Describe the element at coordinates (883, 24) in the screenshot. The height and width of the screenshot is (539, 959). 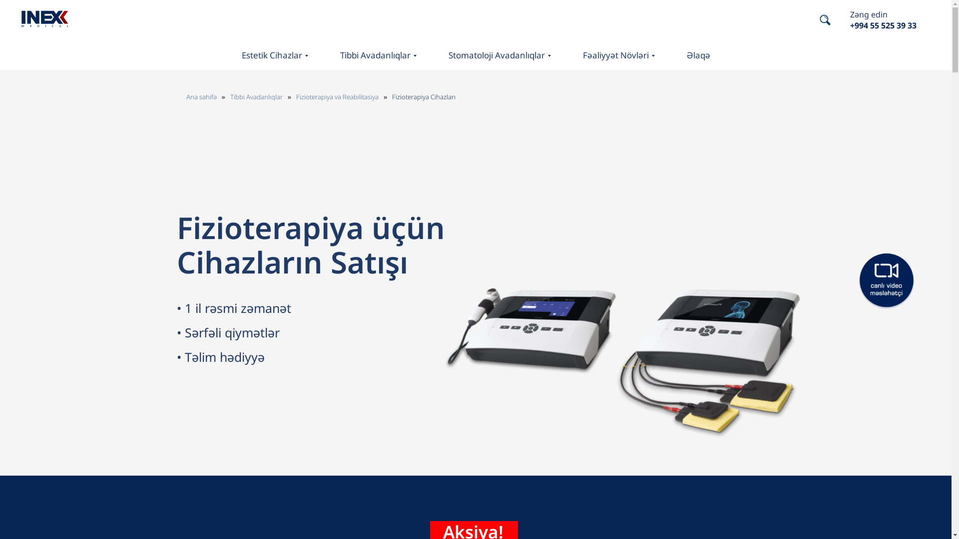
I see `'+994 55 525 39 33'` at that location.